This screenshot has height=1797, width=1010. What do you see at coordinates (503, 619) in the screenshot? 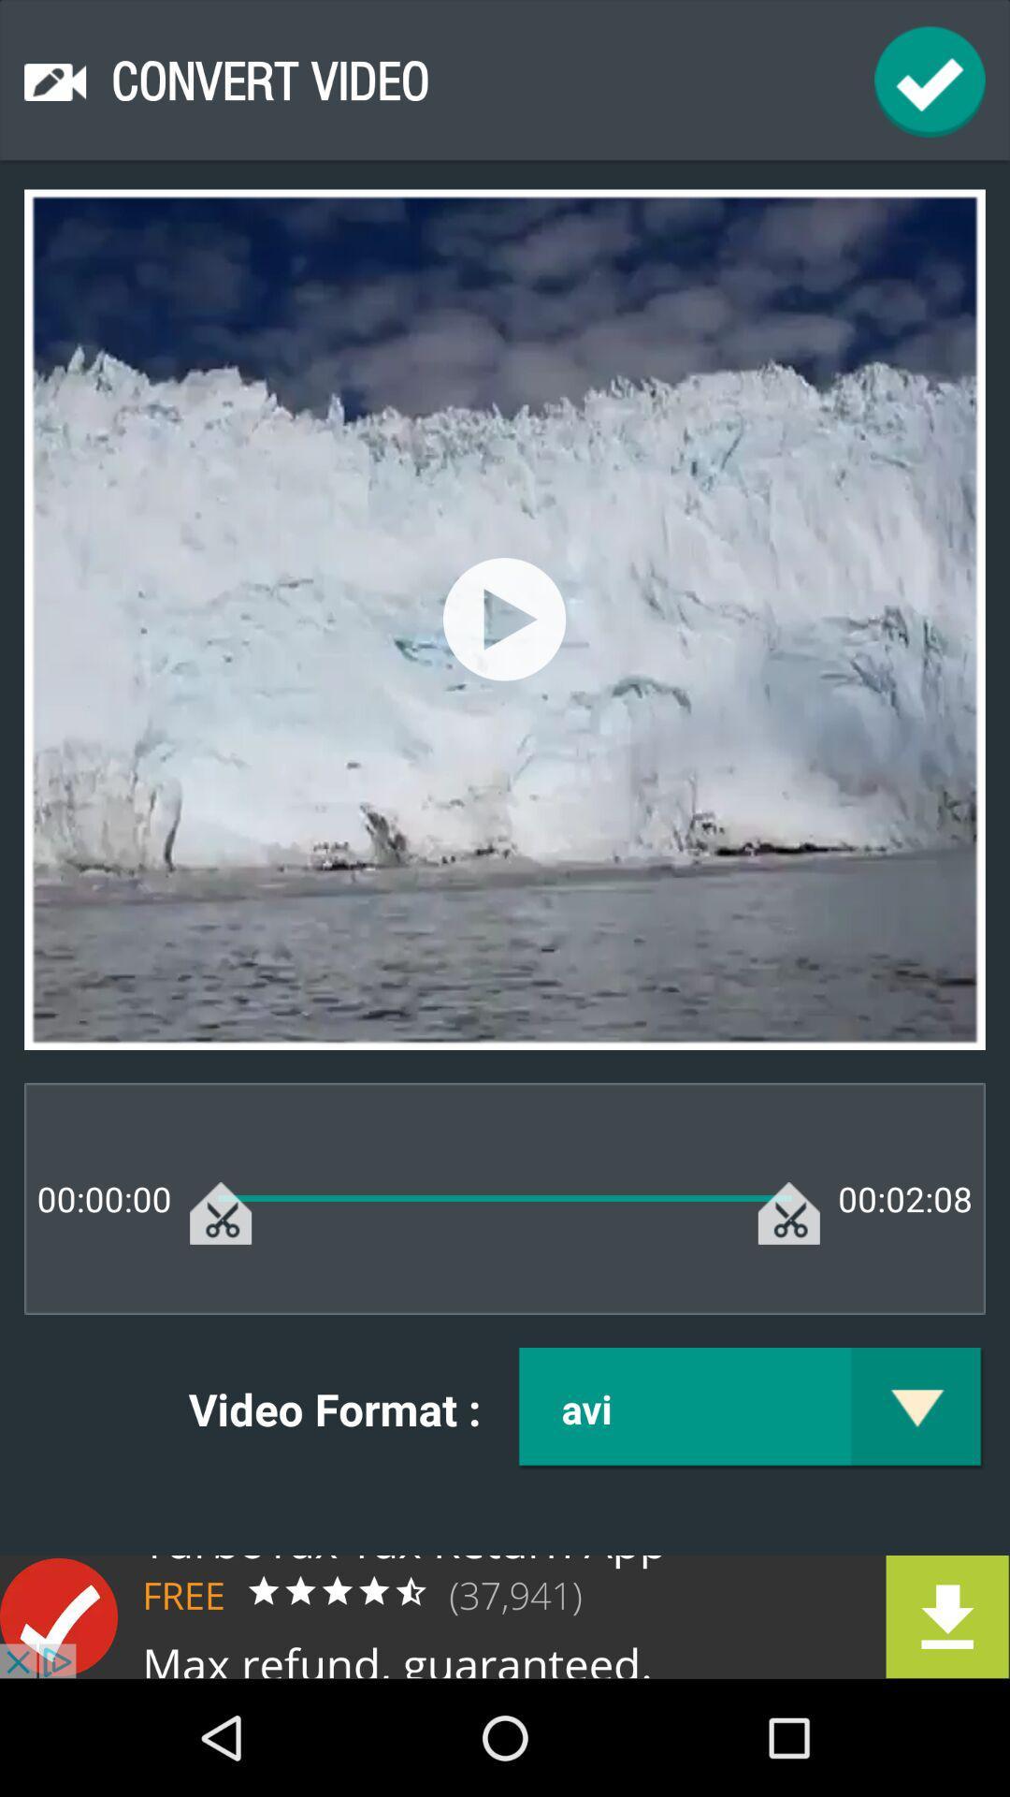
I see `a video` at bounding box center [503, 619].